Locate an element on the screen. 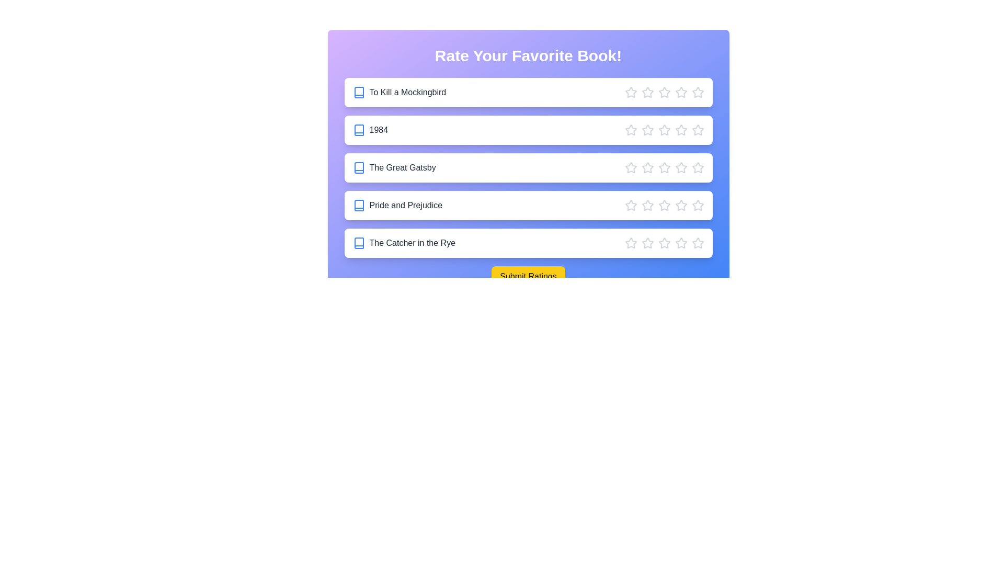 This screenshot has height=565, width=1004. the star corresponding to 4 stars for the book 'The Great Gatsby' is located at coordinates (681, 167).